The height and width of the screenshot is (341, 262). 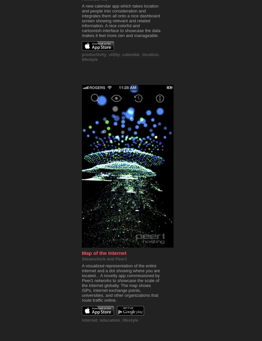 What do you see at coordinates (150, 54) in the screenshot?
I see `'location'` at bounding box center [150, 54].